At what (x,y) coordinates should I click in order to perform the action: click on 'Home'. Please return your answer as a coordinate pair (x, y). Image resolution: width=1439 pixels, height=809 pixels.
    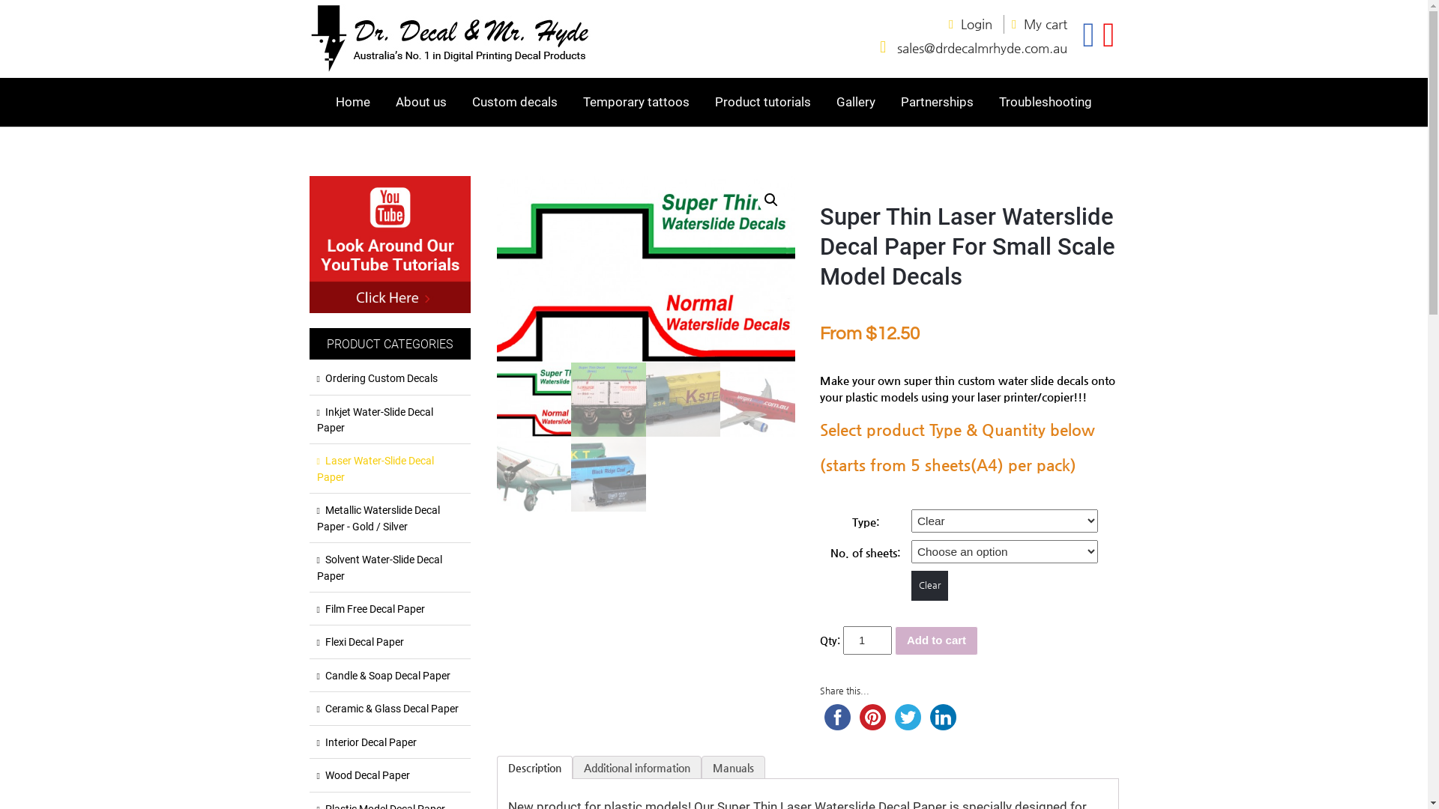
    Looking at the image, I should click on (330, 101).